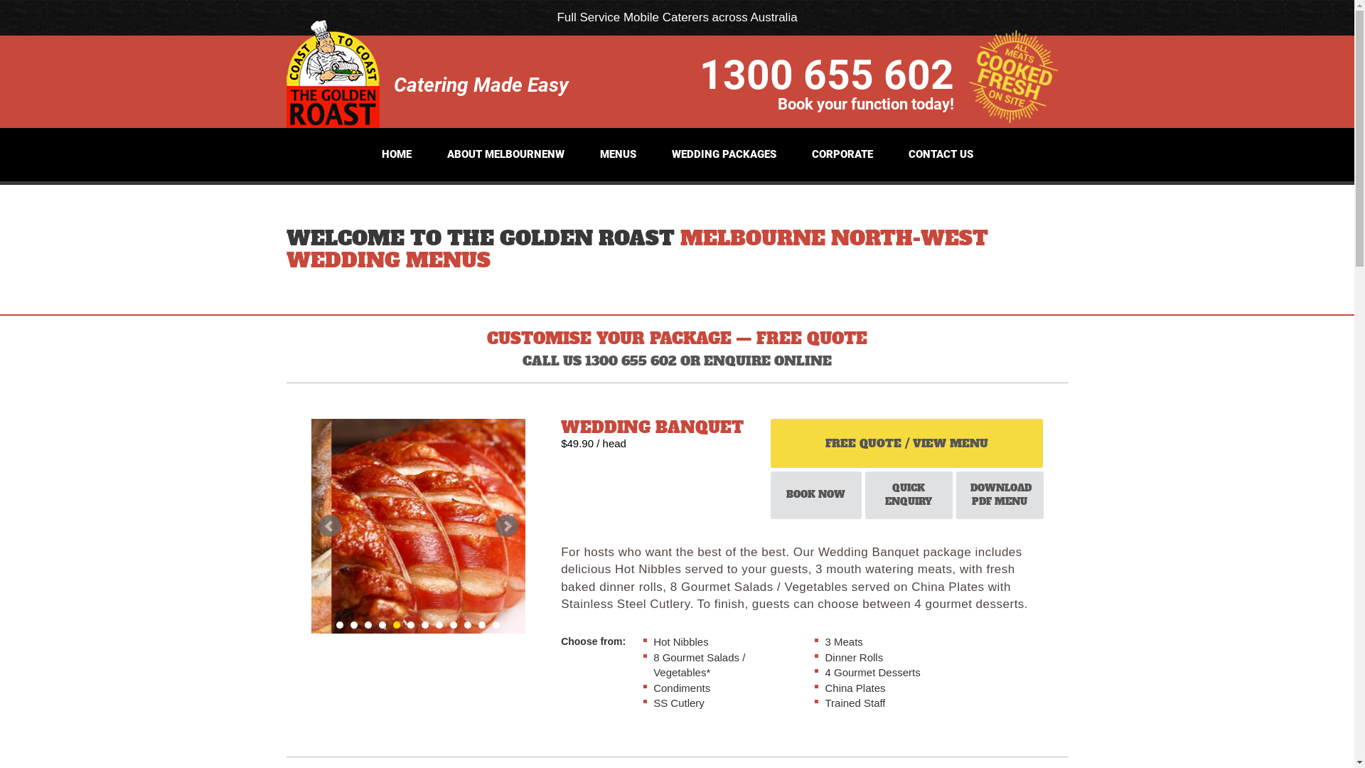 The width and height of the screenshot is (1365, 768). I want to click on 'Next', so click(495, 526).